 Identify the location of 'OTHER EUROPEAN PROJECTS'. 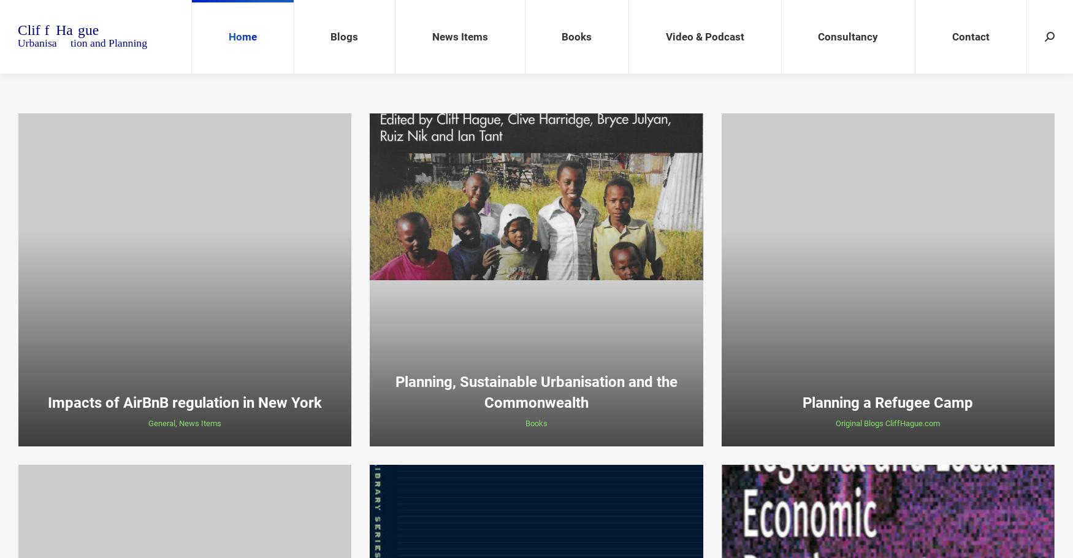
(850, 178).